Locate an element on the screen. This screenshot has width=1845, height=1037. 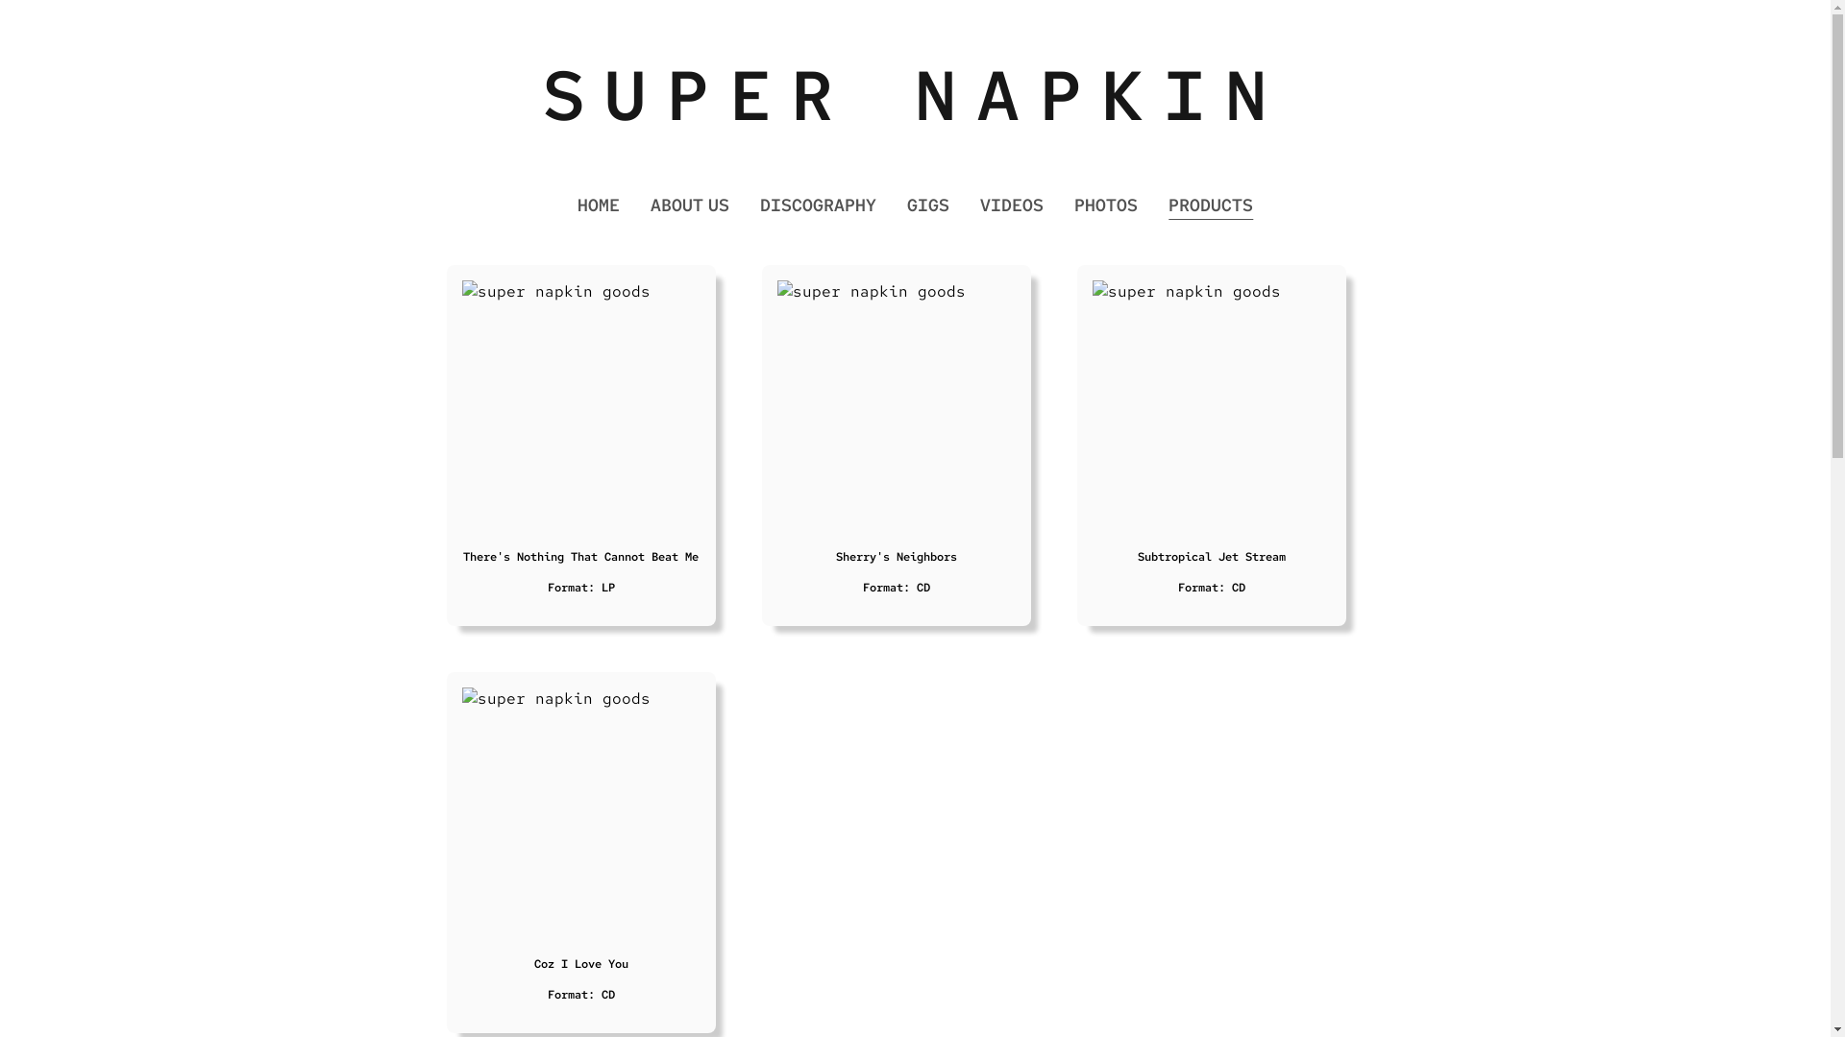
'HOME' is located at coordinates (598, 205).